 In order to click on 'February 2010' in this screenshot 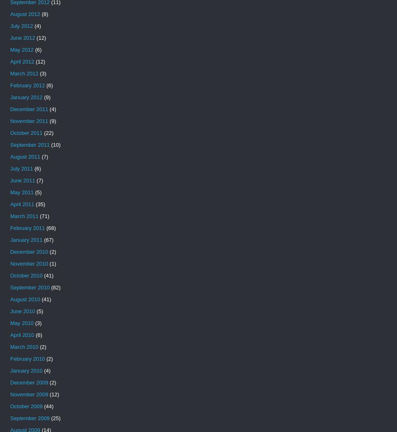, I will do `click(27, 359)`.